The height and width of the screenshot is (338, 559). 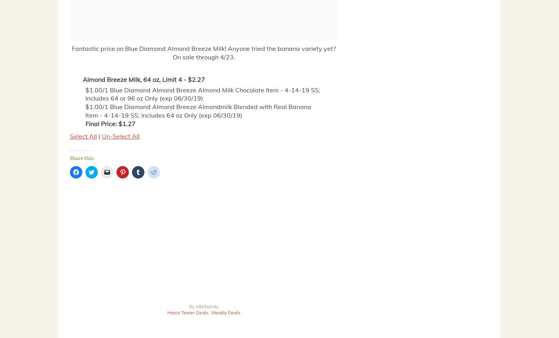 I want to click on 'Fantastic price on Blue Diamond Almond Breeze Milk! Anyone tried the banana variety yet? On sale through 4/23.', so click(x=72, y=52).